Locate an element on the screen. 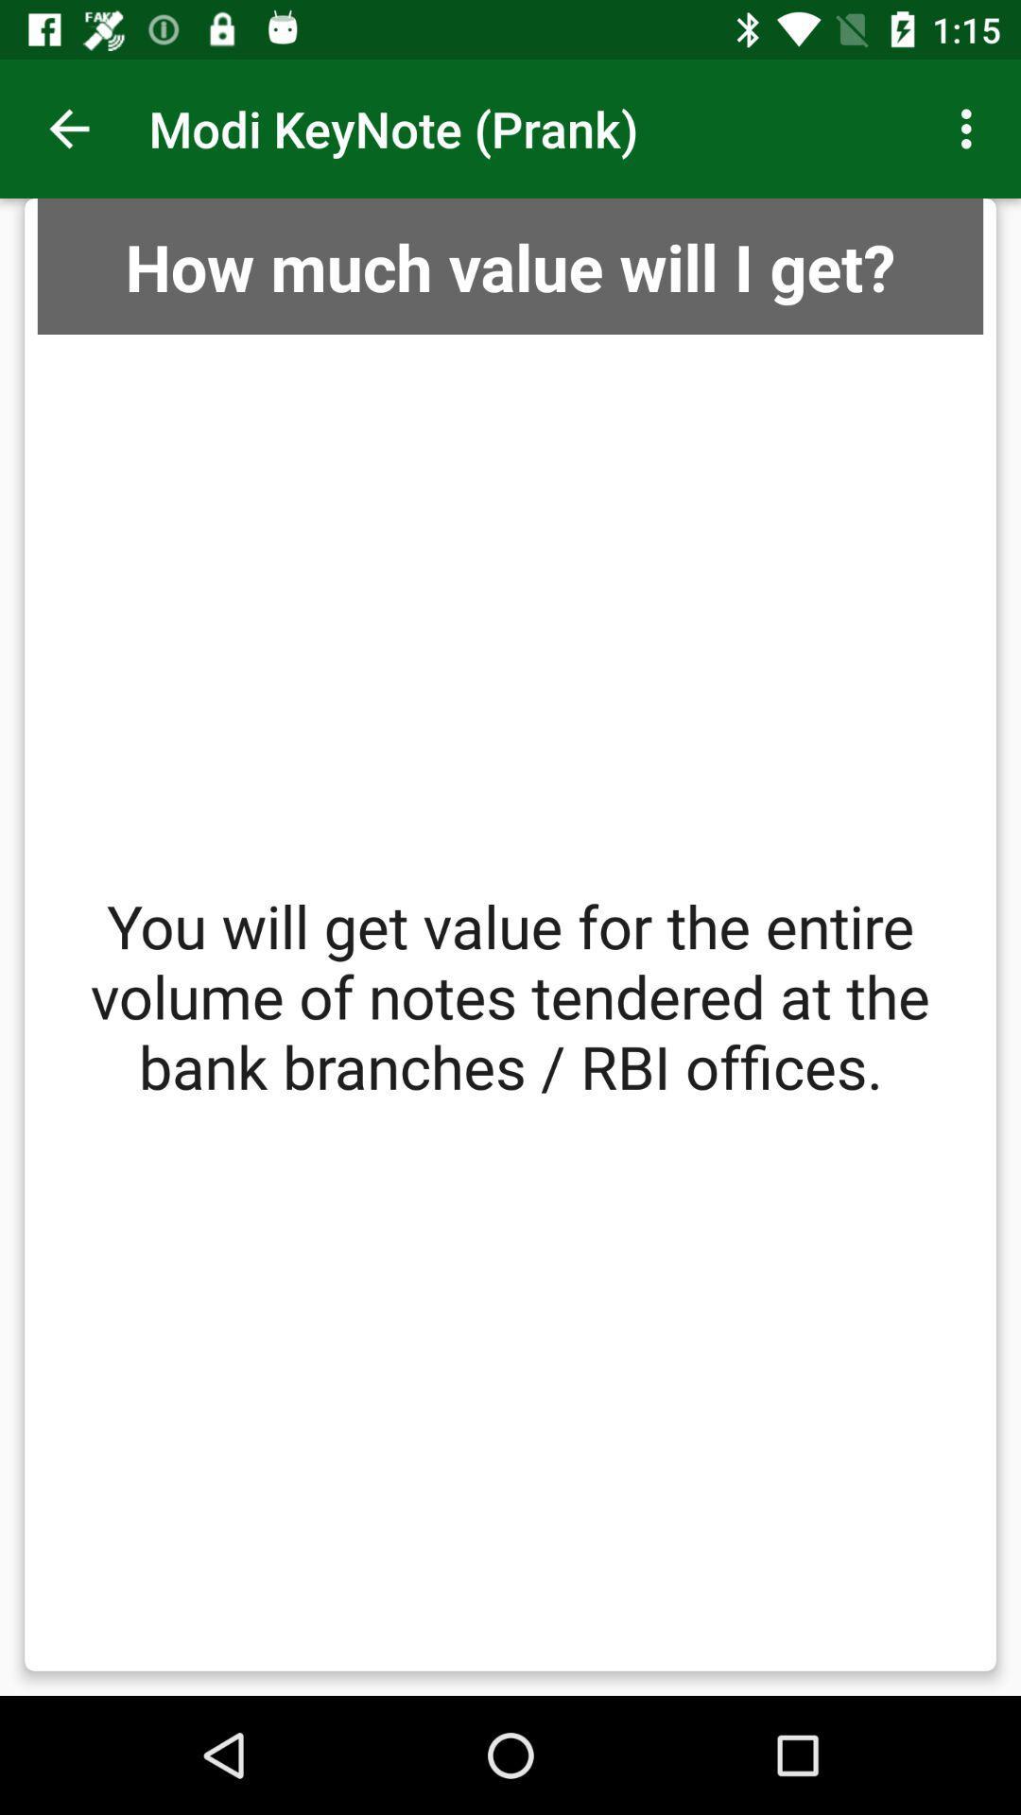  the item to the right of modi keynote (prank) app is located at coordinates (971, 128).